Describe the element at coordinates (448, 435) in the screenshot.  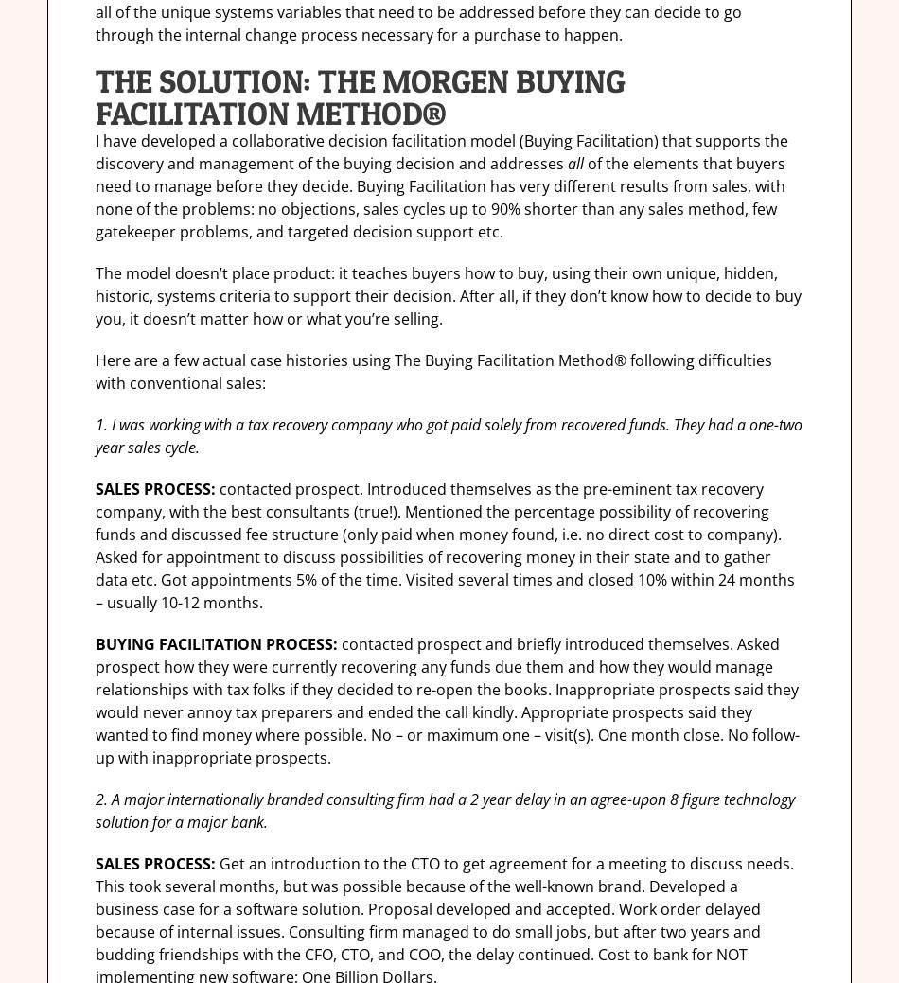
I see `'1. I was working with a tax recovery company who got paid solely from recovered funds. They had a one-two year sales cycle.'` at that location.